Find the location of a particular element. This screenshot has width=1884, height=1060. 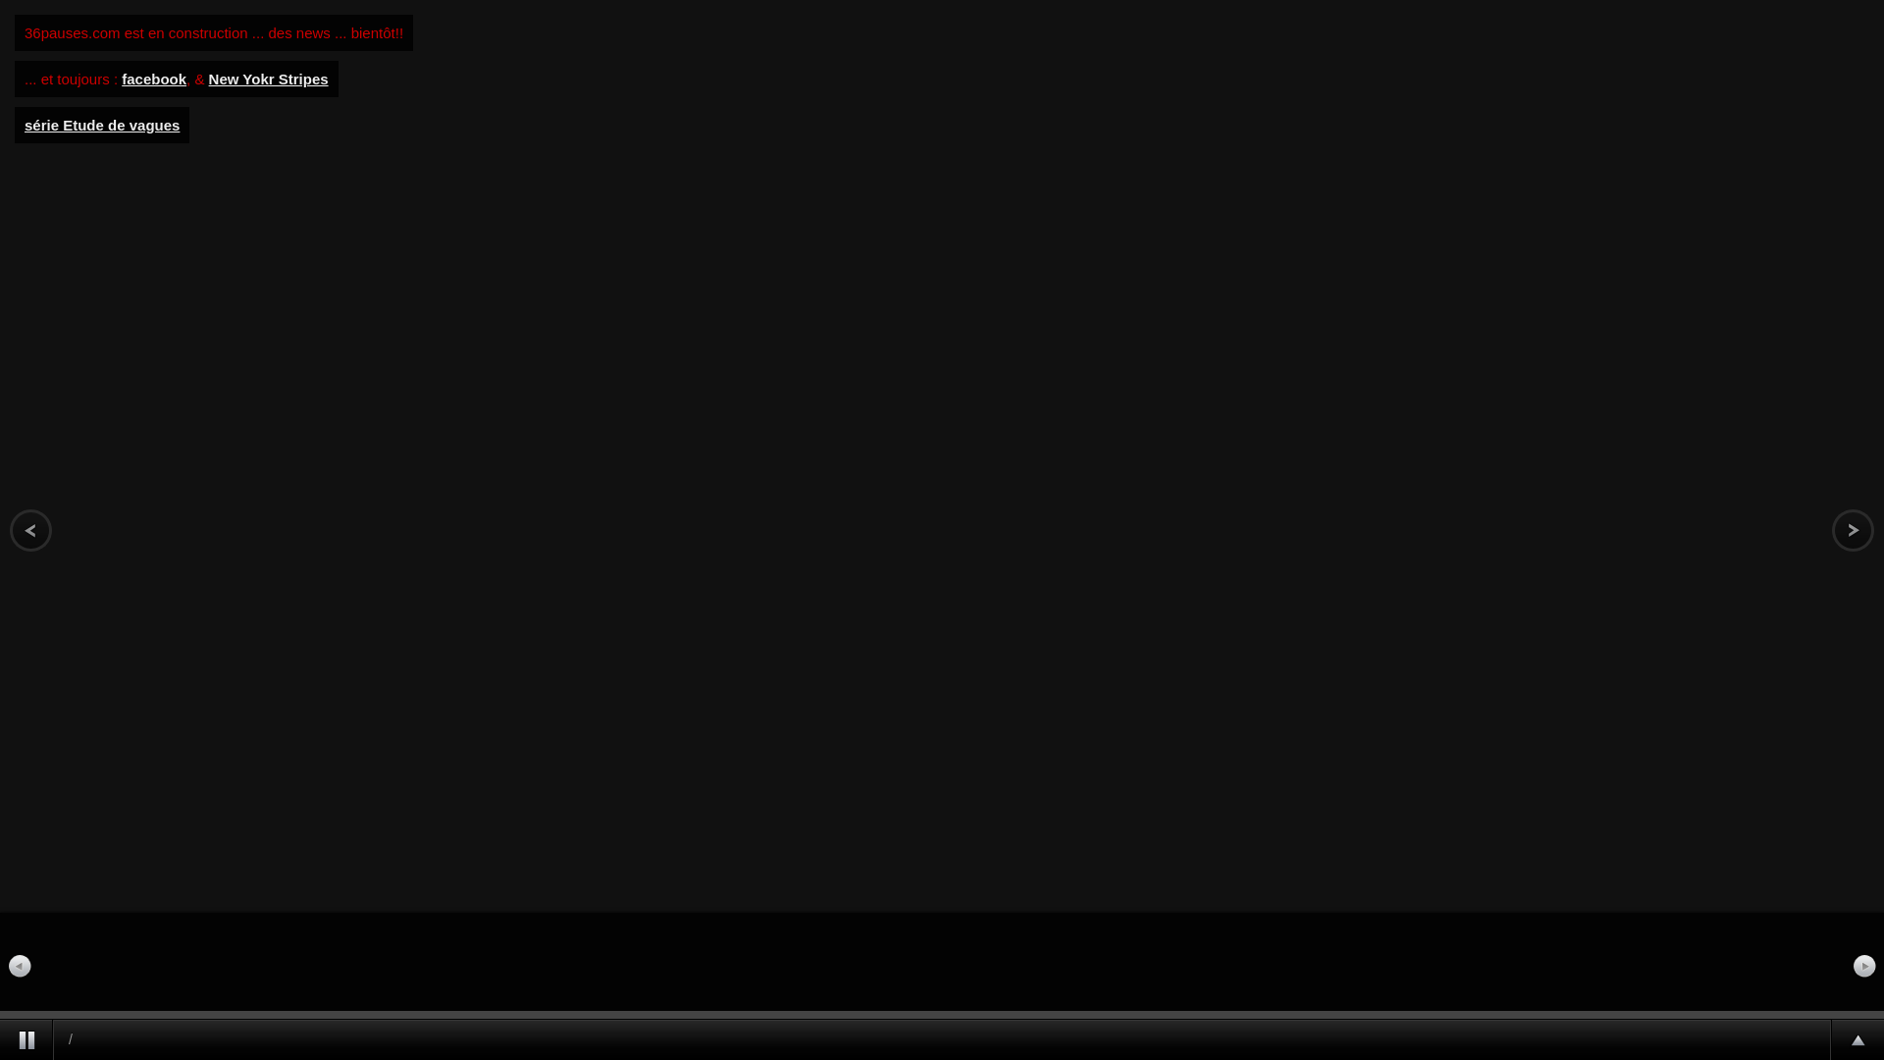

'New Yokr Stripes' is located at coordinates (267, 78).